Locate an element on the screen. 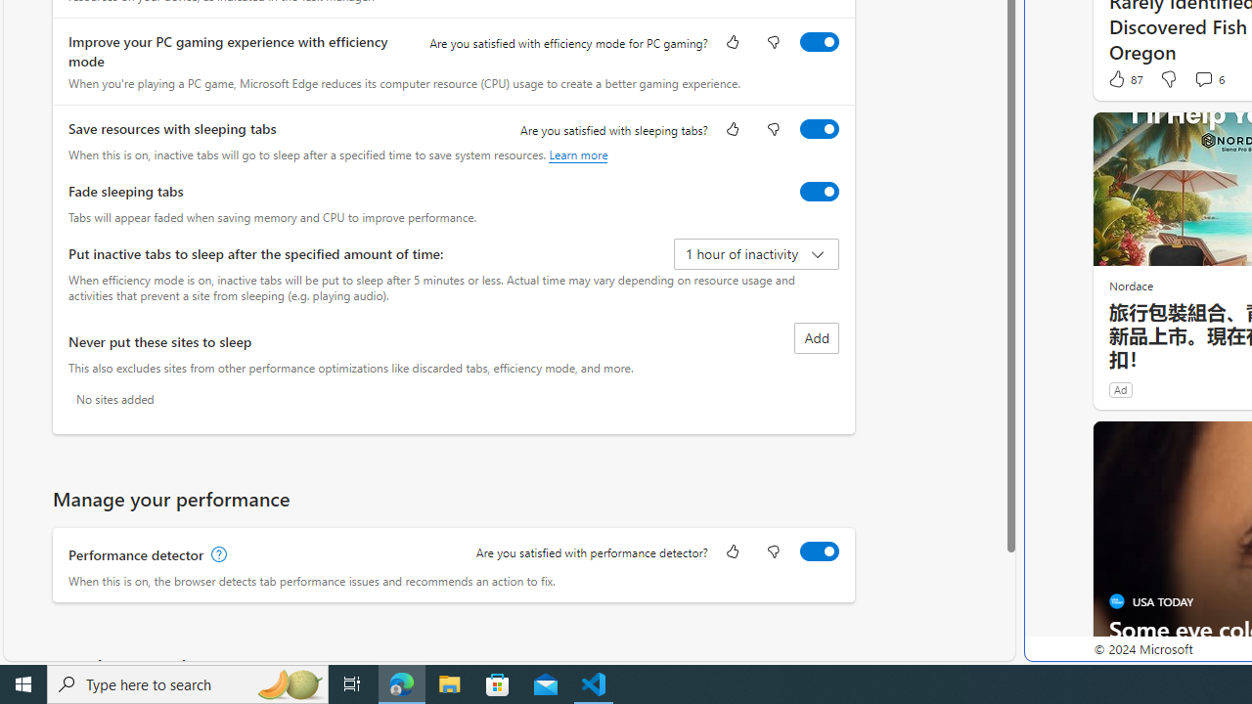  'Add site to never put these sites to sleep list' is located at coordinates (816, 336).